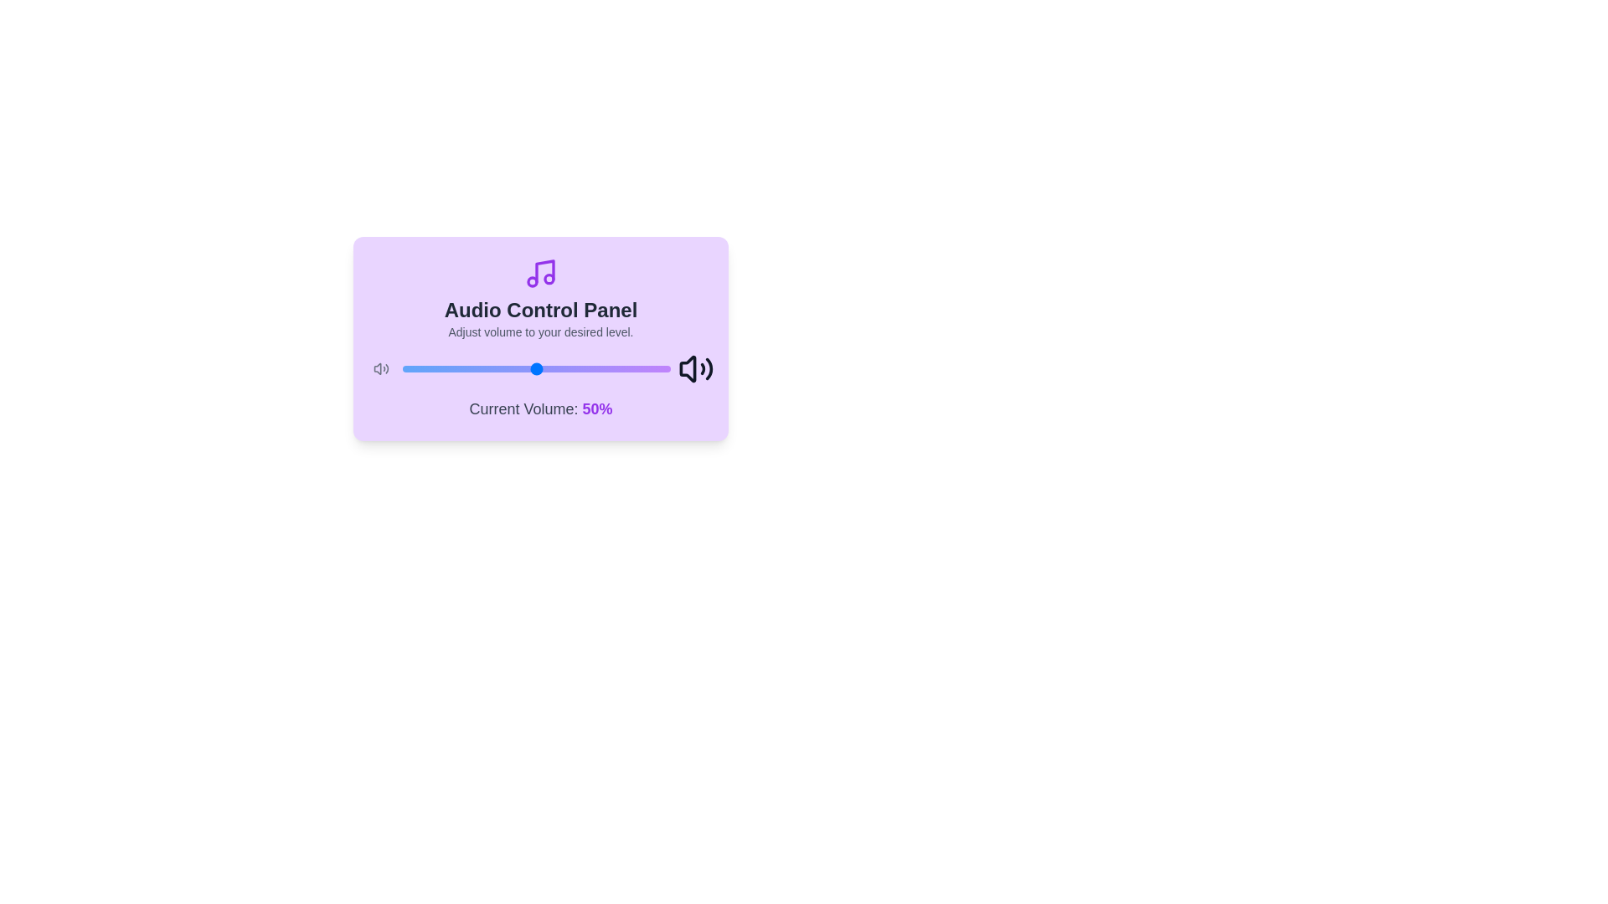 The width and height of the screenshot is (1608, 904). Describe the element at coordinates (541, 273) in the screenshot. I see `the music note icon to focus on it` at that location.